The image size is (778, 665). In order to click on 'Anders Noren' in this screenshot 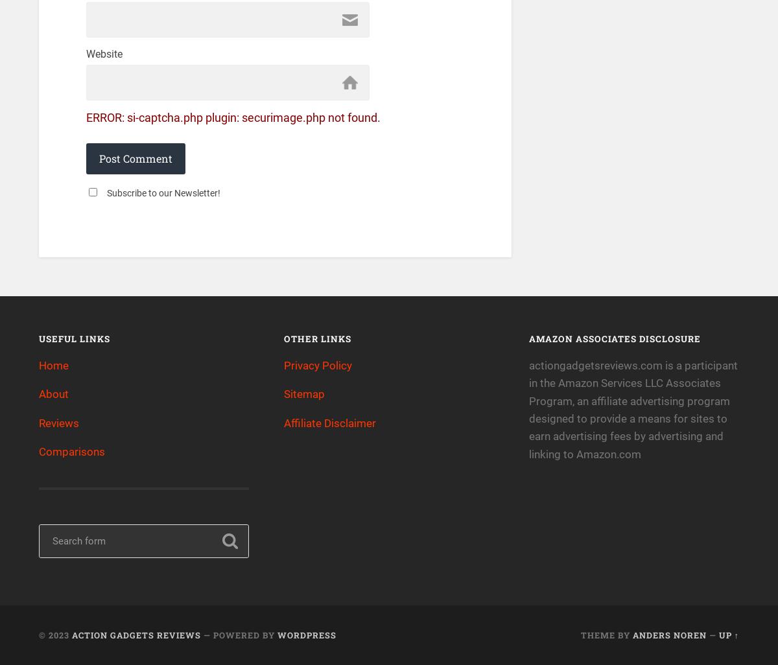, I will do `click(669, 634)`.